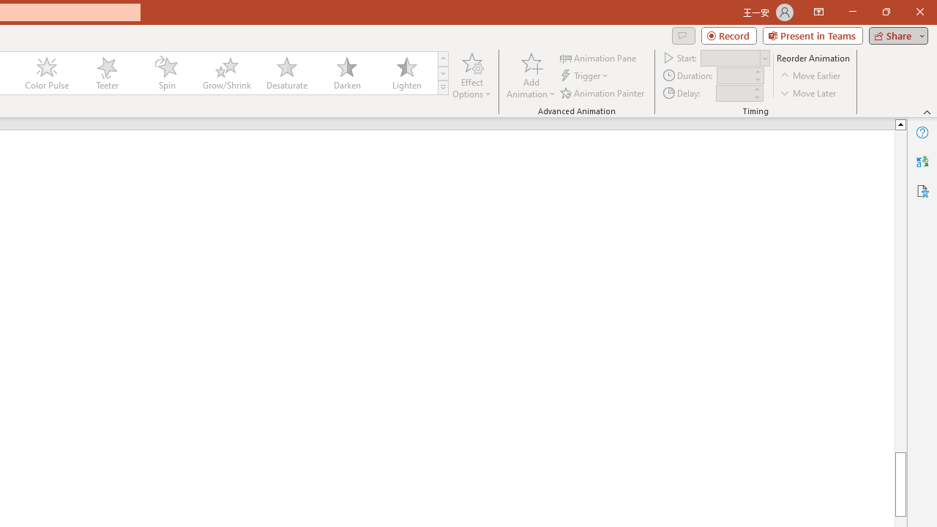  What do you see at coordinates (286, 73) in the screenshot?
I see `'Desaturate'` at bounding box center [286, 73].